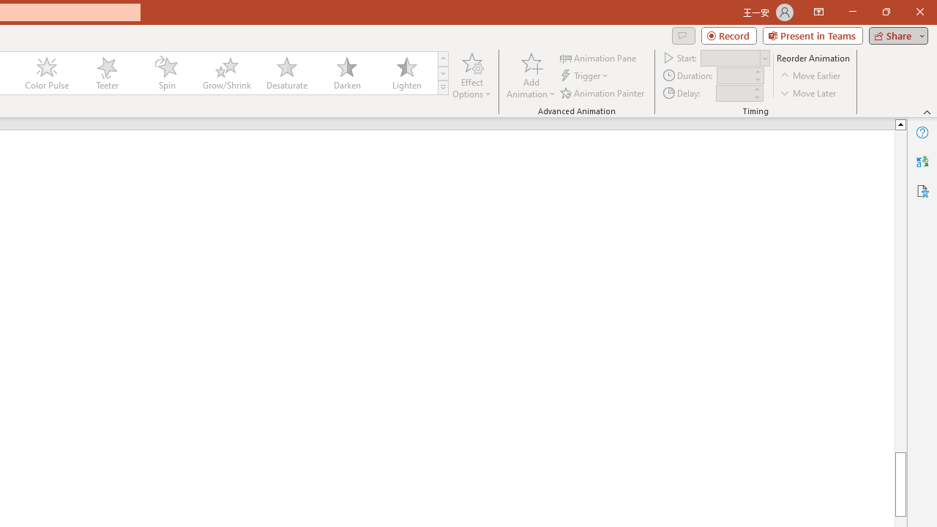  What do you see at coordinates (286, 73) in the screenshot?
I see `'Desaturate'` at bounding box center [286, 73].